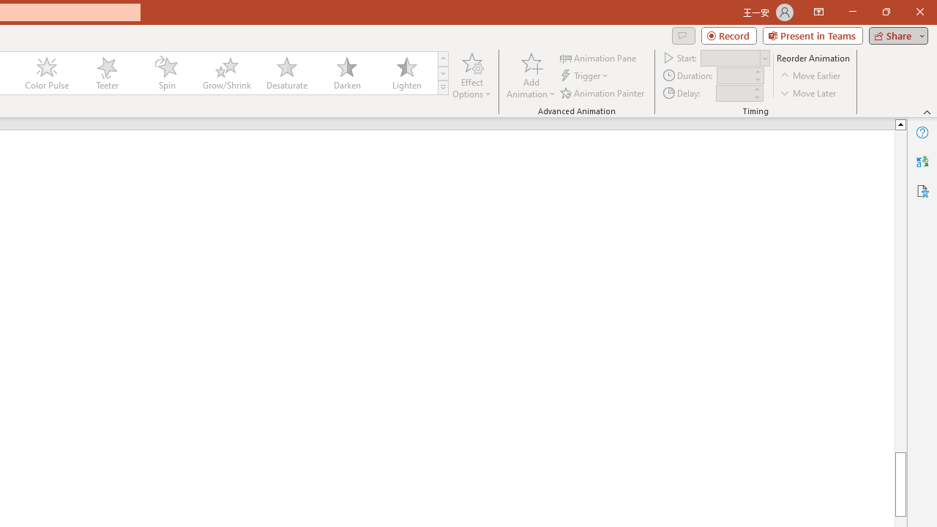  What do you see at coordinates (286, 73) in the screenshot?
I see `'Desaturate'` at bounding box center [286, 73].